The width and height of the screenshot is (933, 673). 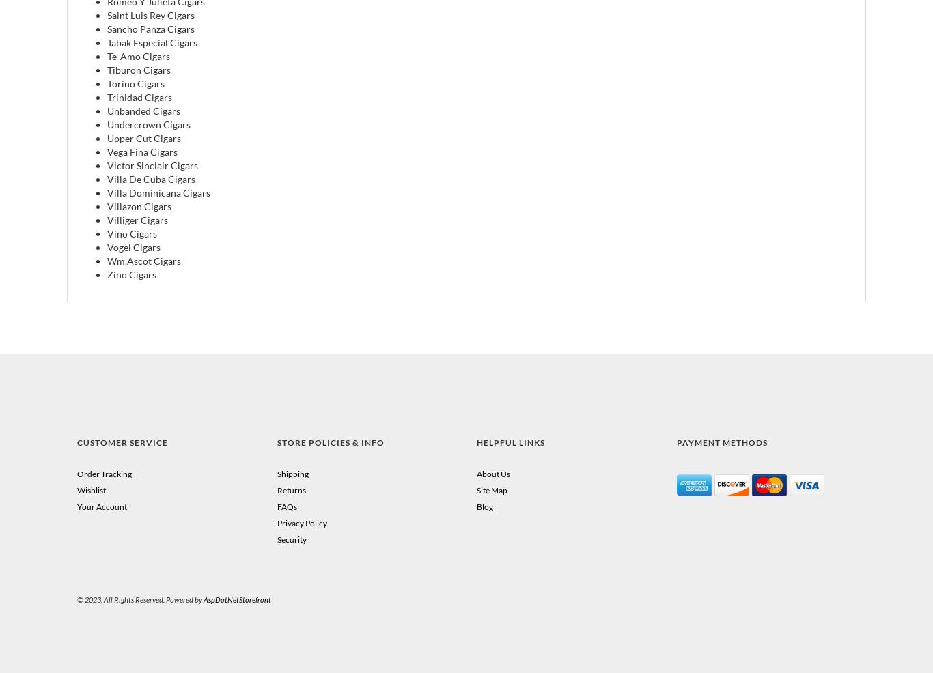 What do you see at coordinates (236, 598) in the screenshot?
I see `'AspDotNetStorefront'` at bounding box center [236, 598].